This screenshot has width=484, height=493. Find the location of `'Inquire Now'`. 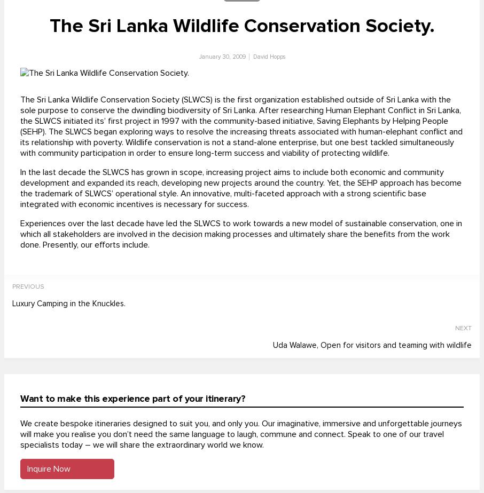

'Inquire Now' is located at coordinates (48, 469).